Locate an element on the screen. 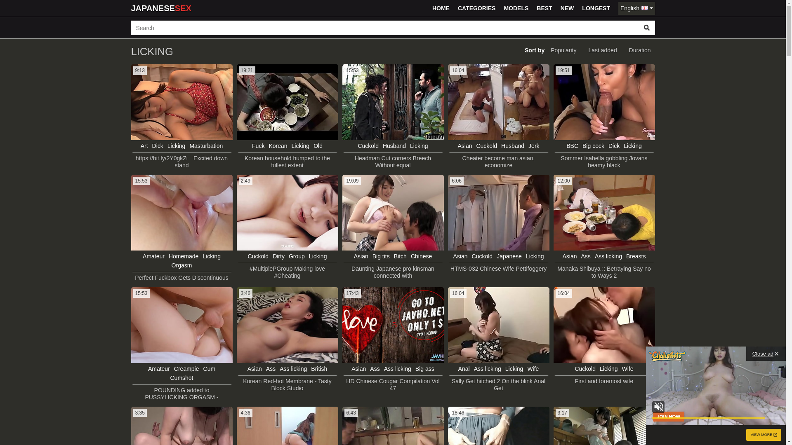 Image resolution: width=792 pixels, height=445 pixels. 'Cuckold' is located at coordinates (368, 145).